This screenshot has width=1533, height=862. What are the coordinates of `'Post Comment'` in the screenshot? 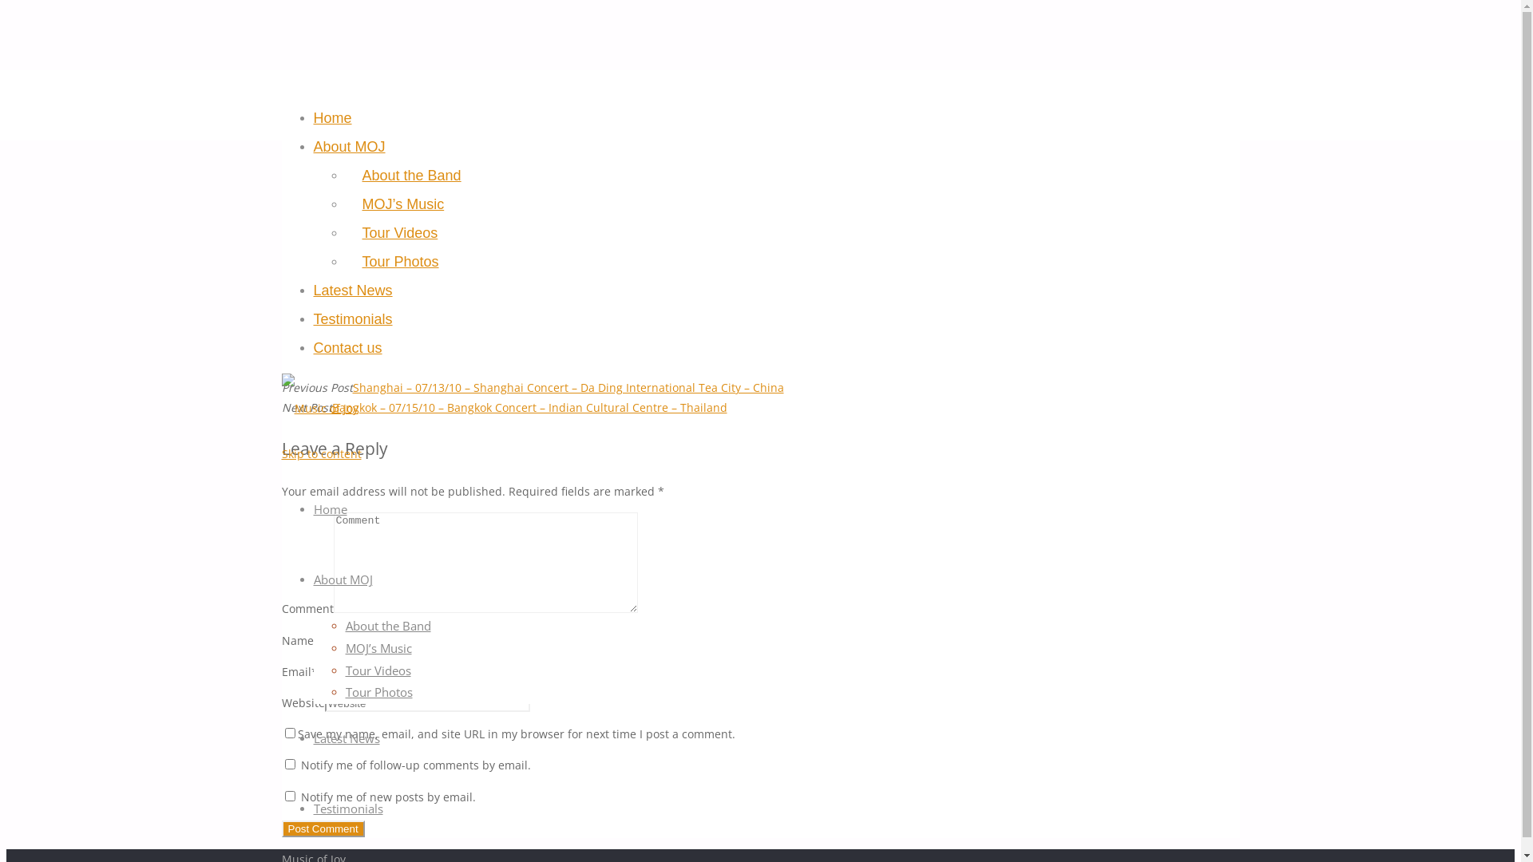 It's located at (321, 828).